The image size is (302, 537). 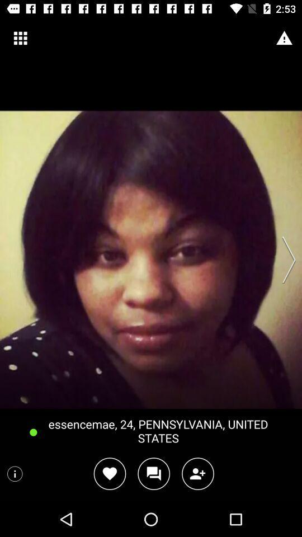 What do you see at coordinates (285, 260) in the screenshot?
I see `go next page` at bounding box center [285, 260].